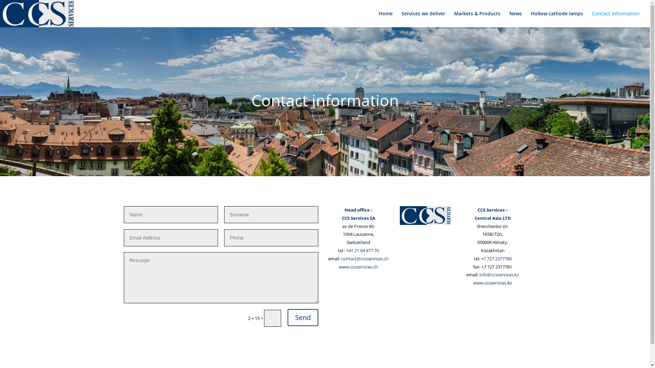  What do you see at coordinates (364, 259) in the screenshot?
I see `'contact@ccsservices.ch'` at bounding box center [364, 259].